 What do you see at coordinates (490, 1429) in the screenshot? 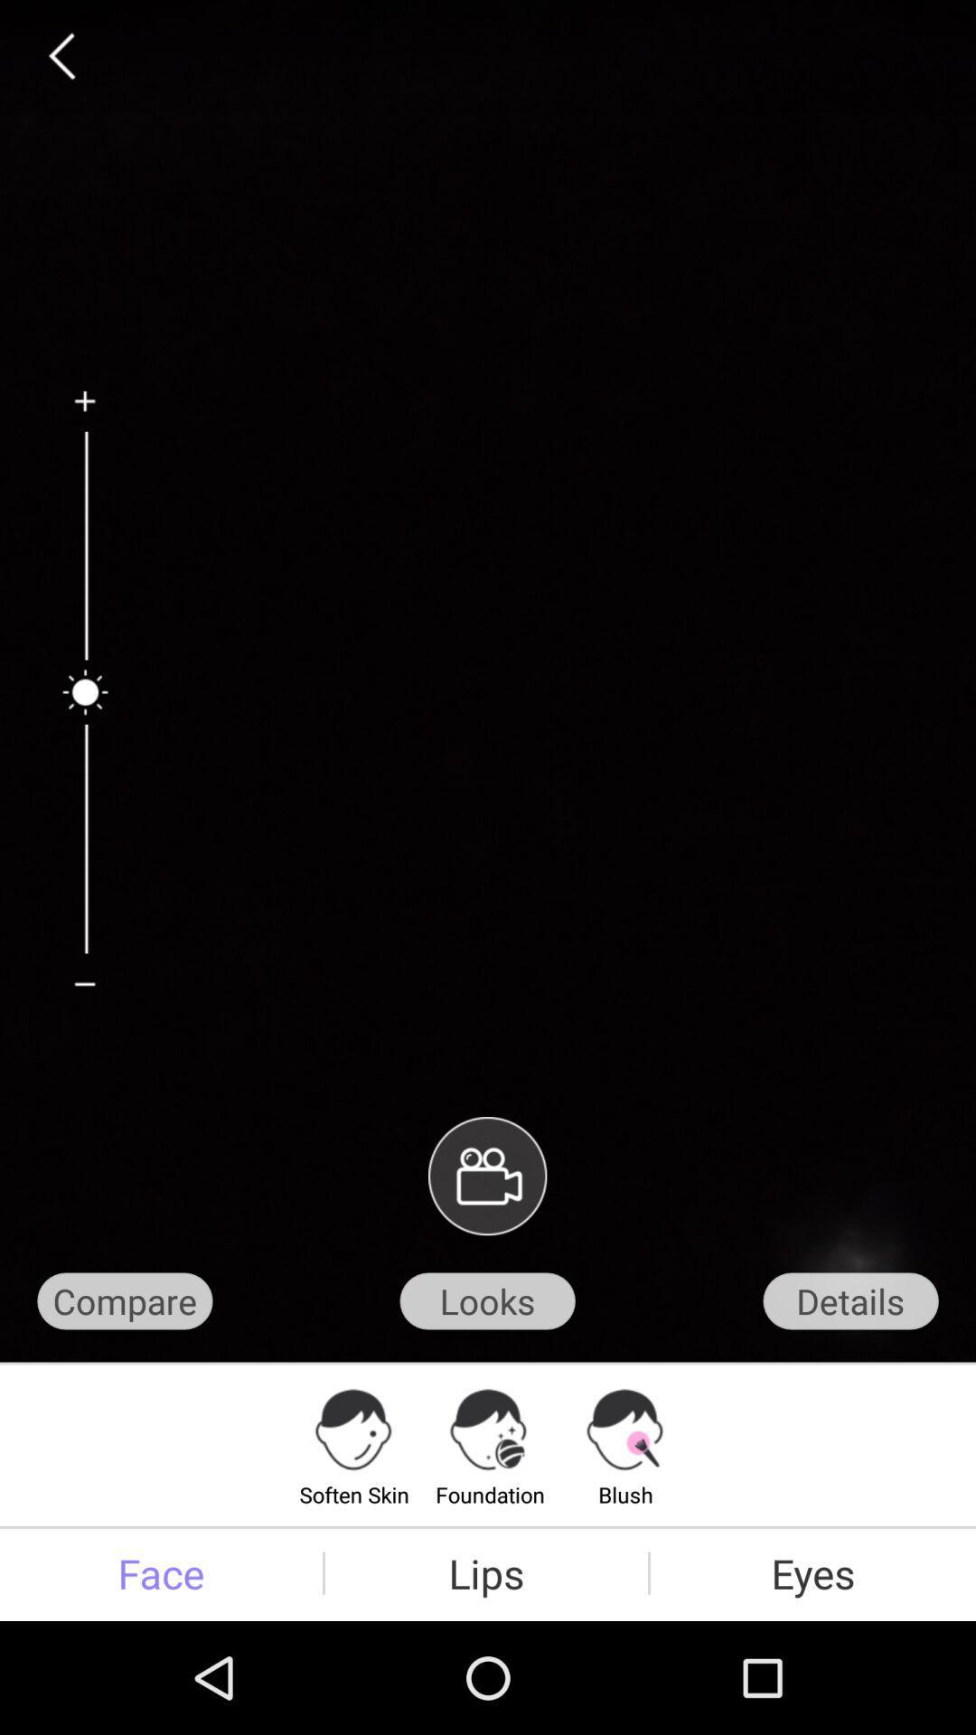
I see `the icon which is above foundation on a page` at bounding box center [490, 1429].